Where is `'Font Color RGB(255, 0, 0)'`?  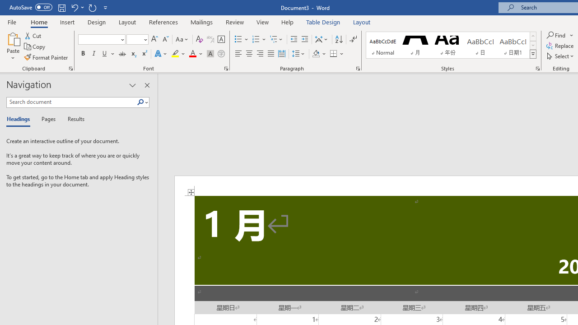
'Font Color RGB(255, 0, 0)' is located at coordinates (192, 54).